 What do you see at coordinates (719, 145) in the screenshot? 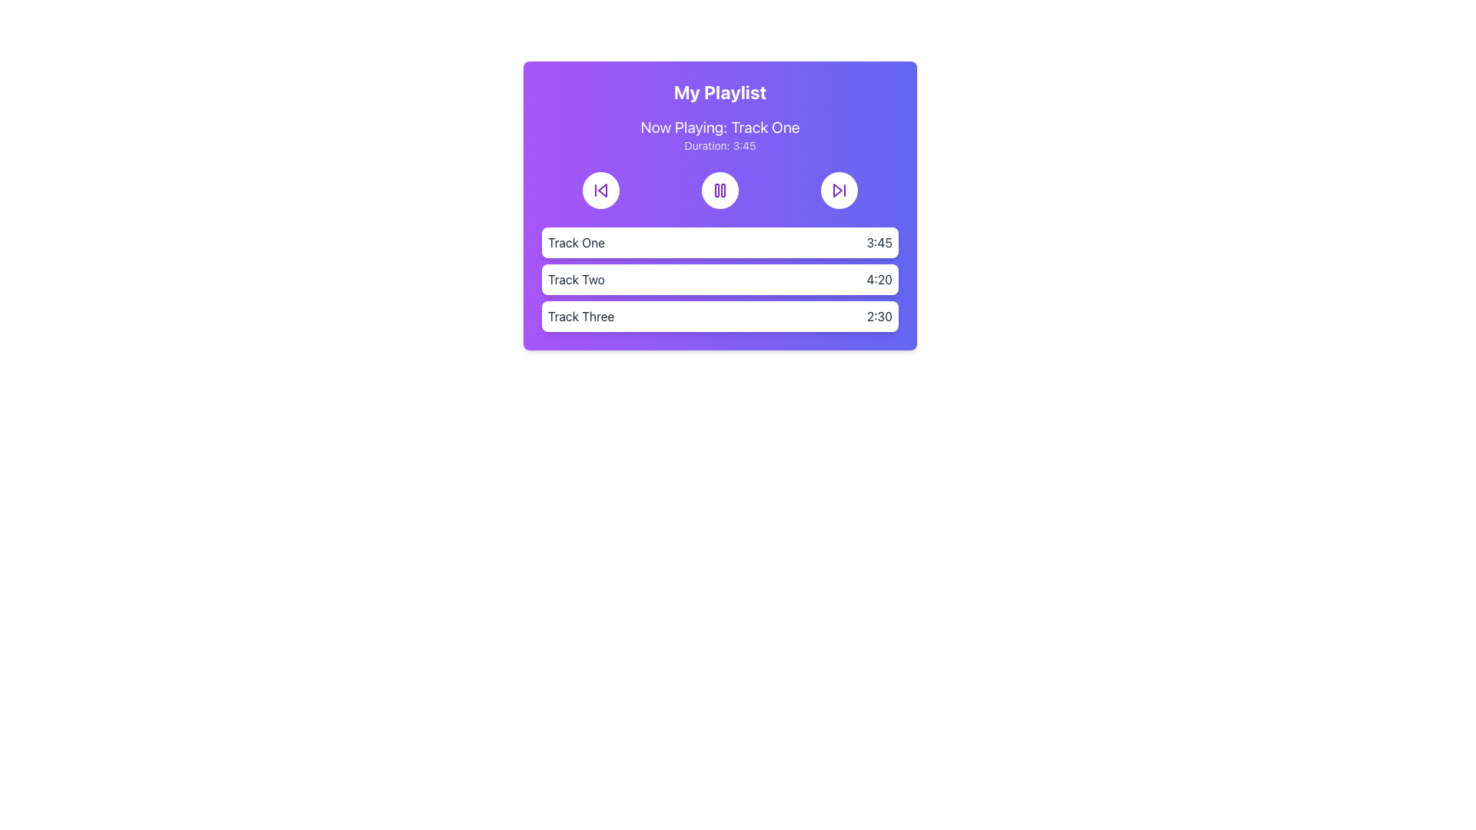
I see `the text label displaying the duration of the media track, which is styled in small gray font and located beneath the track title 'Now Playing: Track One'` at bounding box center [719, 145].